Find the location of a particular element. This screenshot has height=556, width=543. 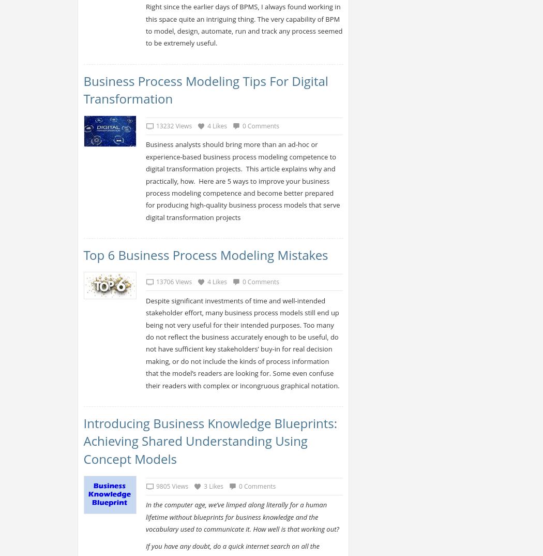

'3 Likes' is located at coordinates (213, 486).